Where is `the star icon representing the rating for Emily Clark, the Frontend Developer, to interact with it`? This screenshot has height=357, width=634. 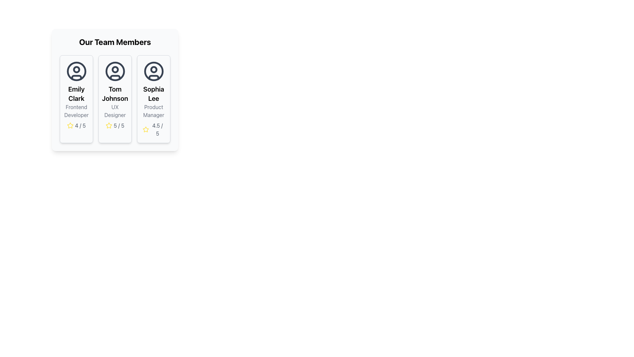 the star icon representing the rating for Emily Clark, the Frontend Developer, to interact with it is located at coordinates (70, 125).